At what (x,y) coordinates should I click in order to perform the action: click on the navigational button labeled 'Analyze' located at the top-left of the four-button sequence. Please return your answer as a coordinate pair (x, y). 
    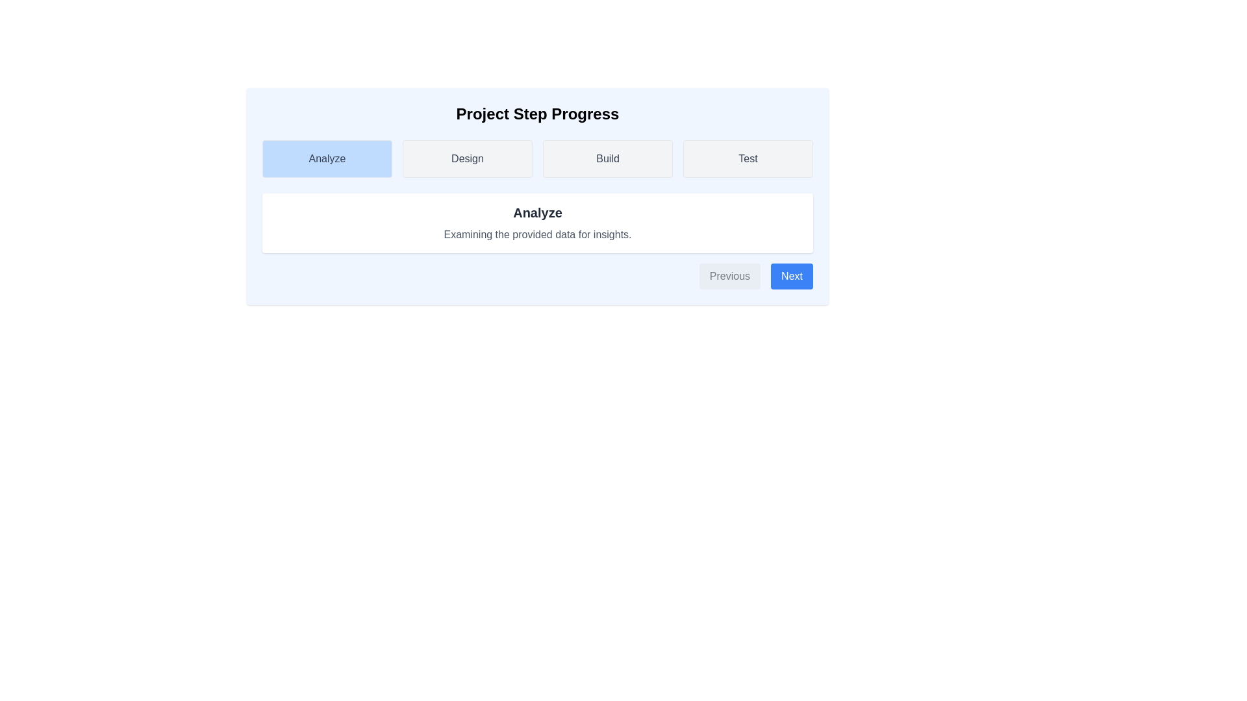
    Looking at the image, I should click on (327, 158).